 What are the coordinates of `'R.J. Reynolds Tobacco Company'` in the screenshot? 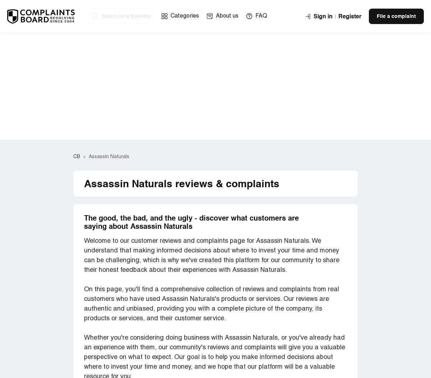 It's located at (131, 90).